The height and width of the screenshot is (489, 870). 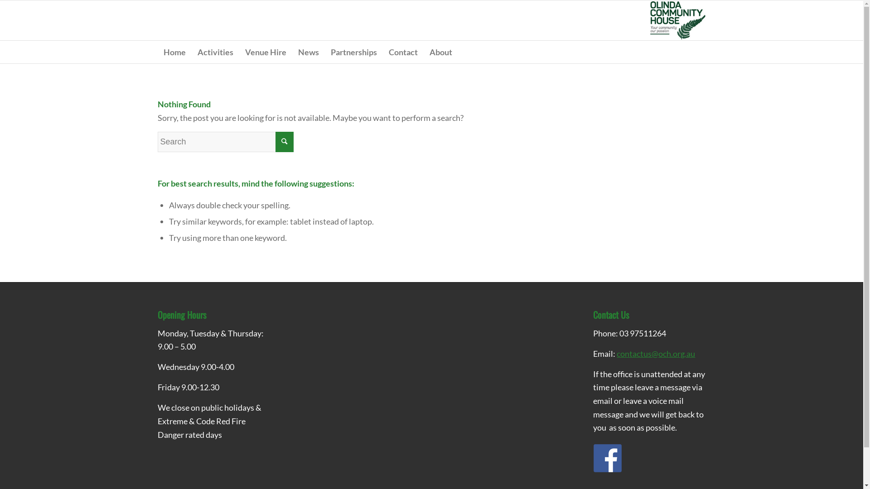 What do you see at coordinates (440, 52) in the screenshot?
I see `'About'` at bounding box center [440, 52].